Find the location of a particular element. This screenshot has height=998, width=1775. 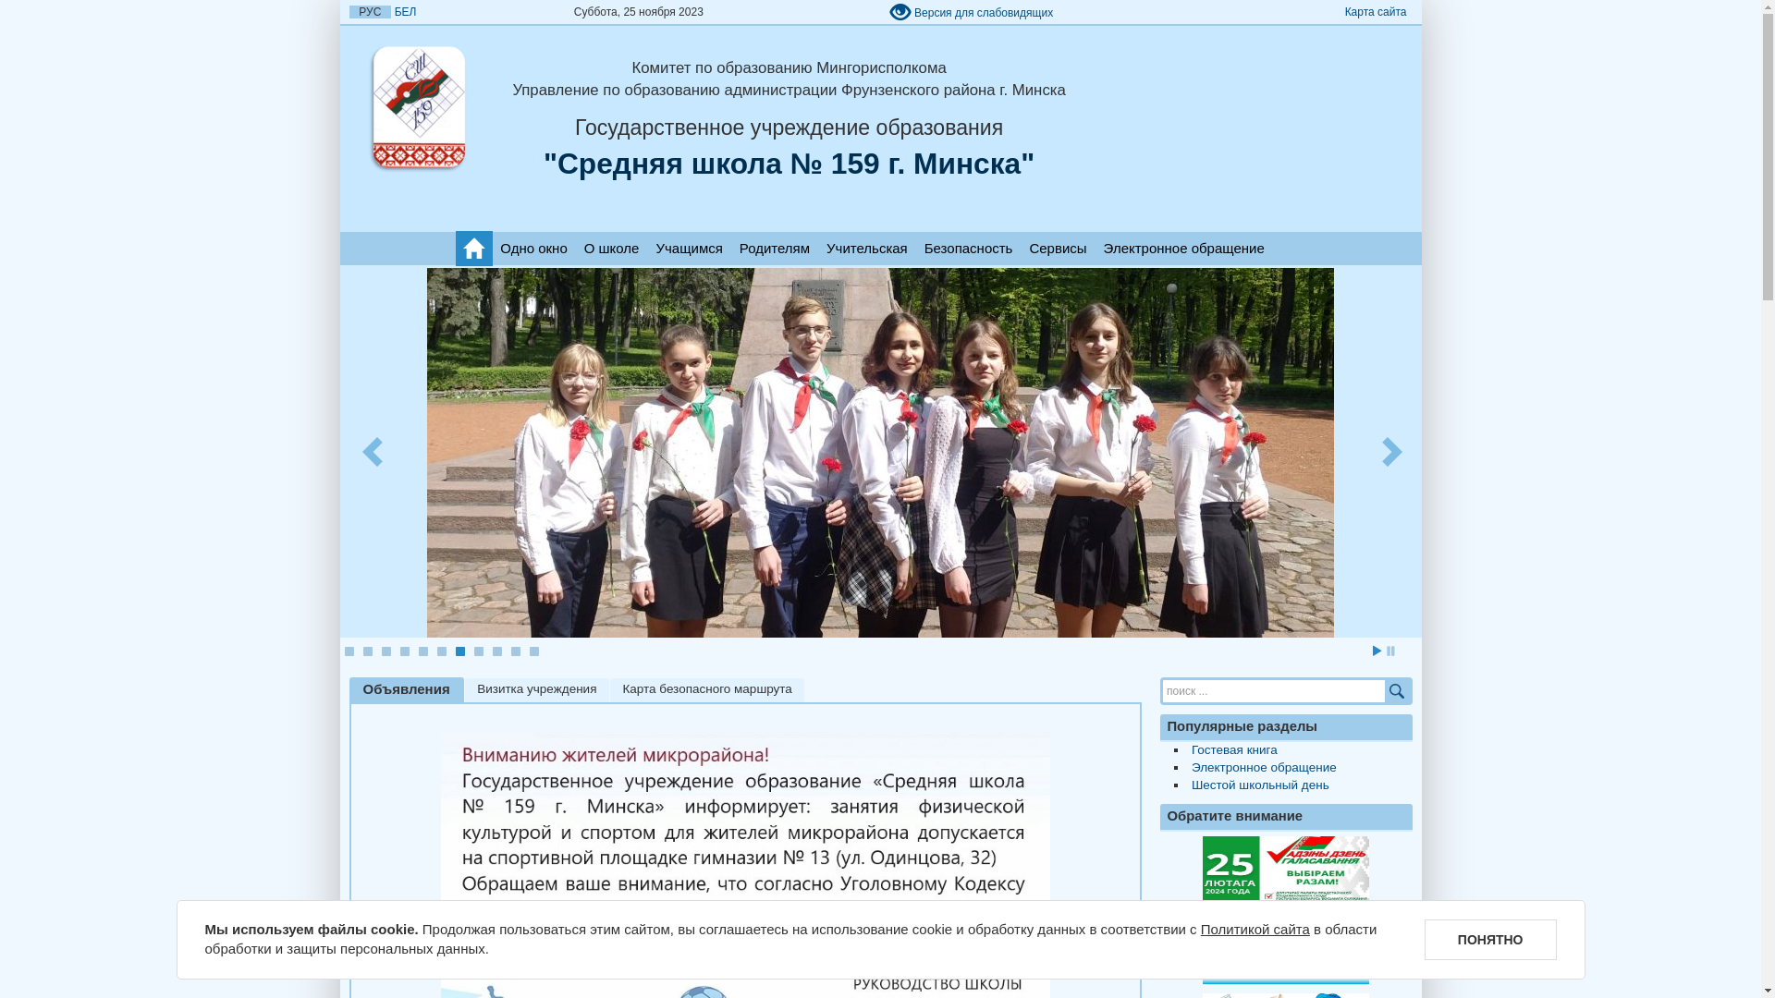

'9' is located at coordinates (496, 651).